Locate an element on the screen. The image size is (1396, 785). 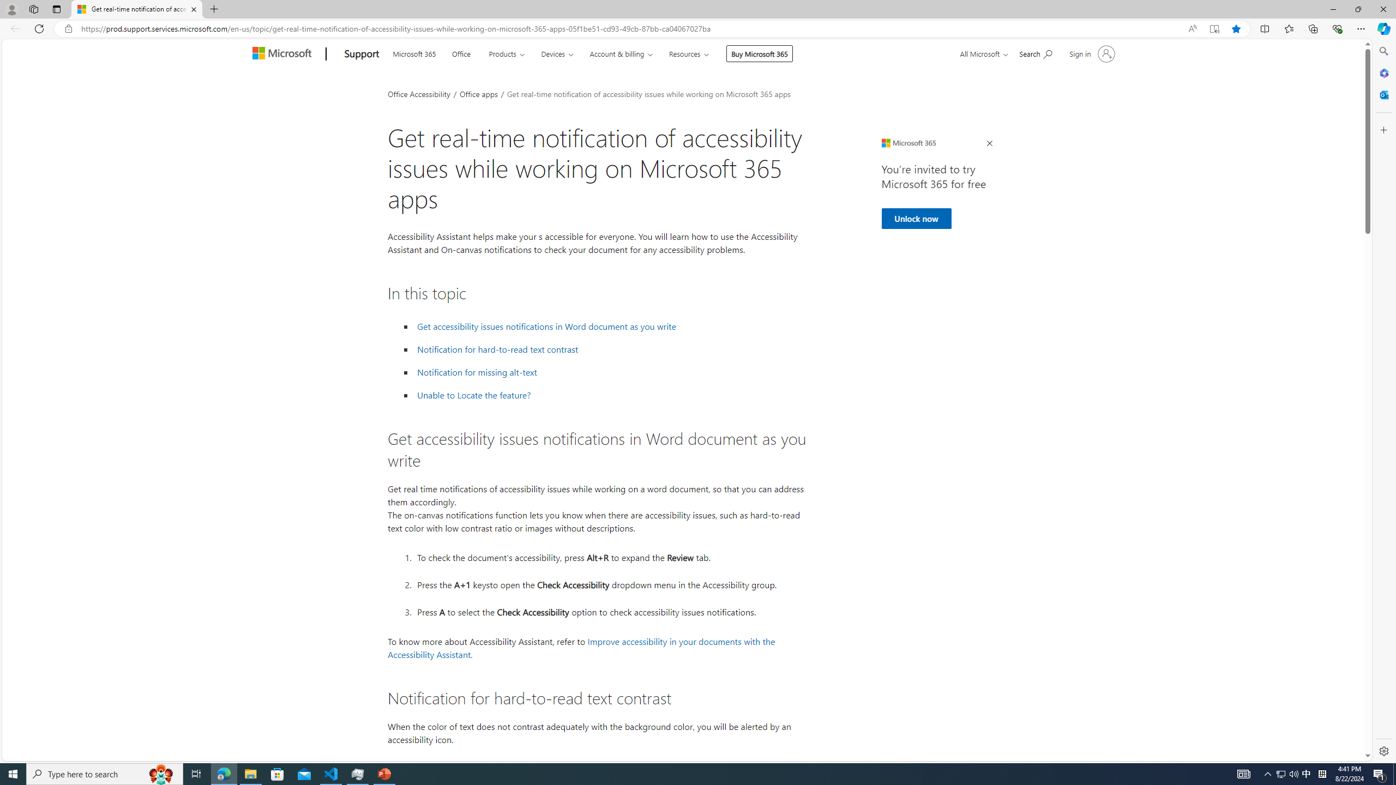
'Browser essentials' is located at coordinates (1337, 28).